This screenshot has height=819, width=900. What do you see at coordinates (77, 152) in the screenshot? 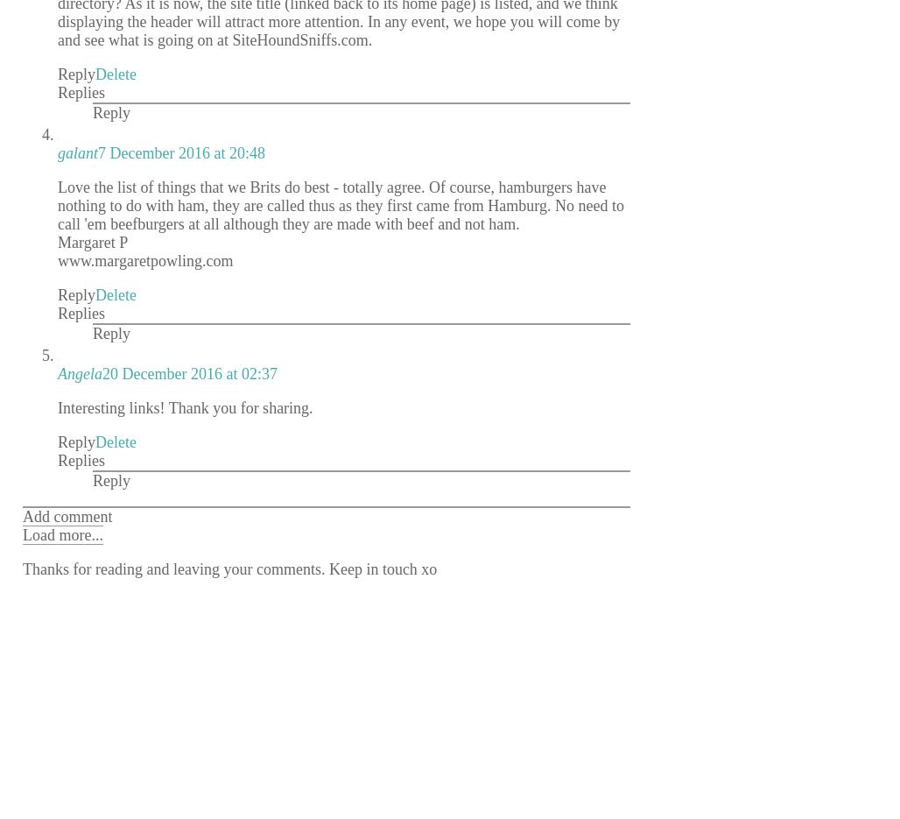
I see `'galant'` at bounding box center [77, 152].